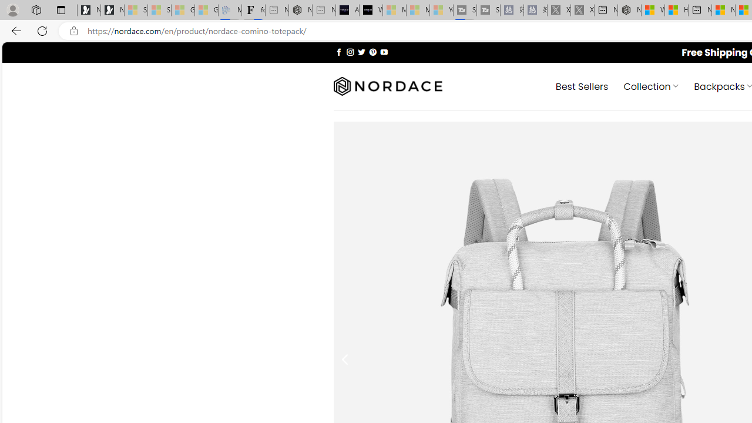 Image resolution: width=752 pixels, height=423 pixels. Describe the element at coordinates (464, 10) in the screenshot. I see `'Streaming Coverage | T3 - Sleeping'` at that location.